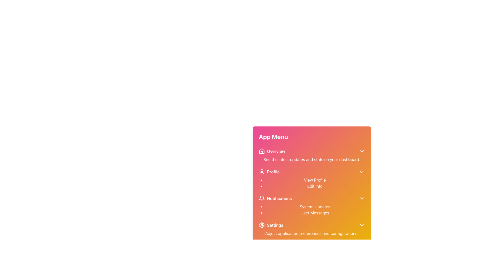  What do you see at coordinates (314, 210) in the screenshot?
I see `the 'User Messages' item in the vertically-arranged text list located under the 'Notifications' section in the sidebar` at bounding box center [314, 210].